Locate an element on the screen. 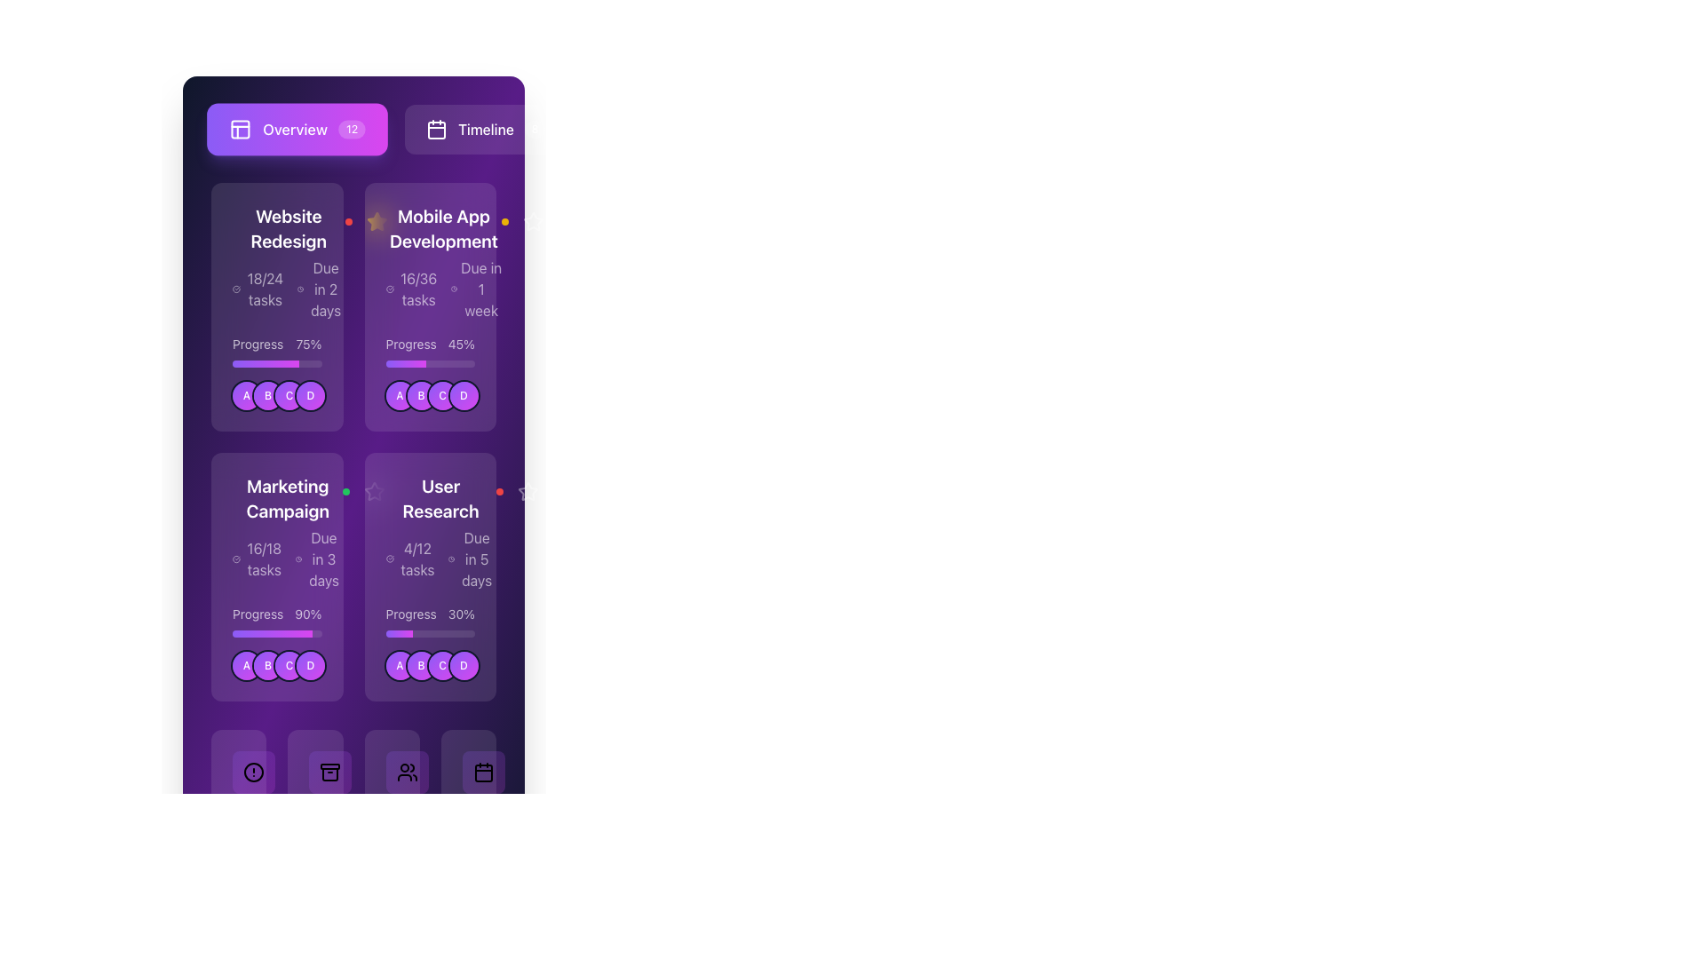 The height and width of the screenshot is (959, 1705). the task progress and deadline information element located within the 'Website Redesign' card is located at coordinates (289, 289).